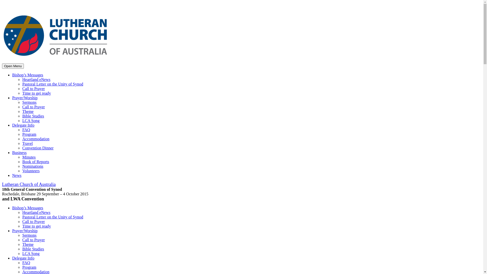 Image resolution: width=487 pixels, height=274 pixels. Describe the element at coordinates (22, 111) in the screenshot. I see `'Theme'` at that location.